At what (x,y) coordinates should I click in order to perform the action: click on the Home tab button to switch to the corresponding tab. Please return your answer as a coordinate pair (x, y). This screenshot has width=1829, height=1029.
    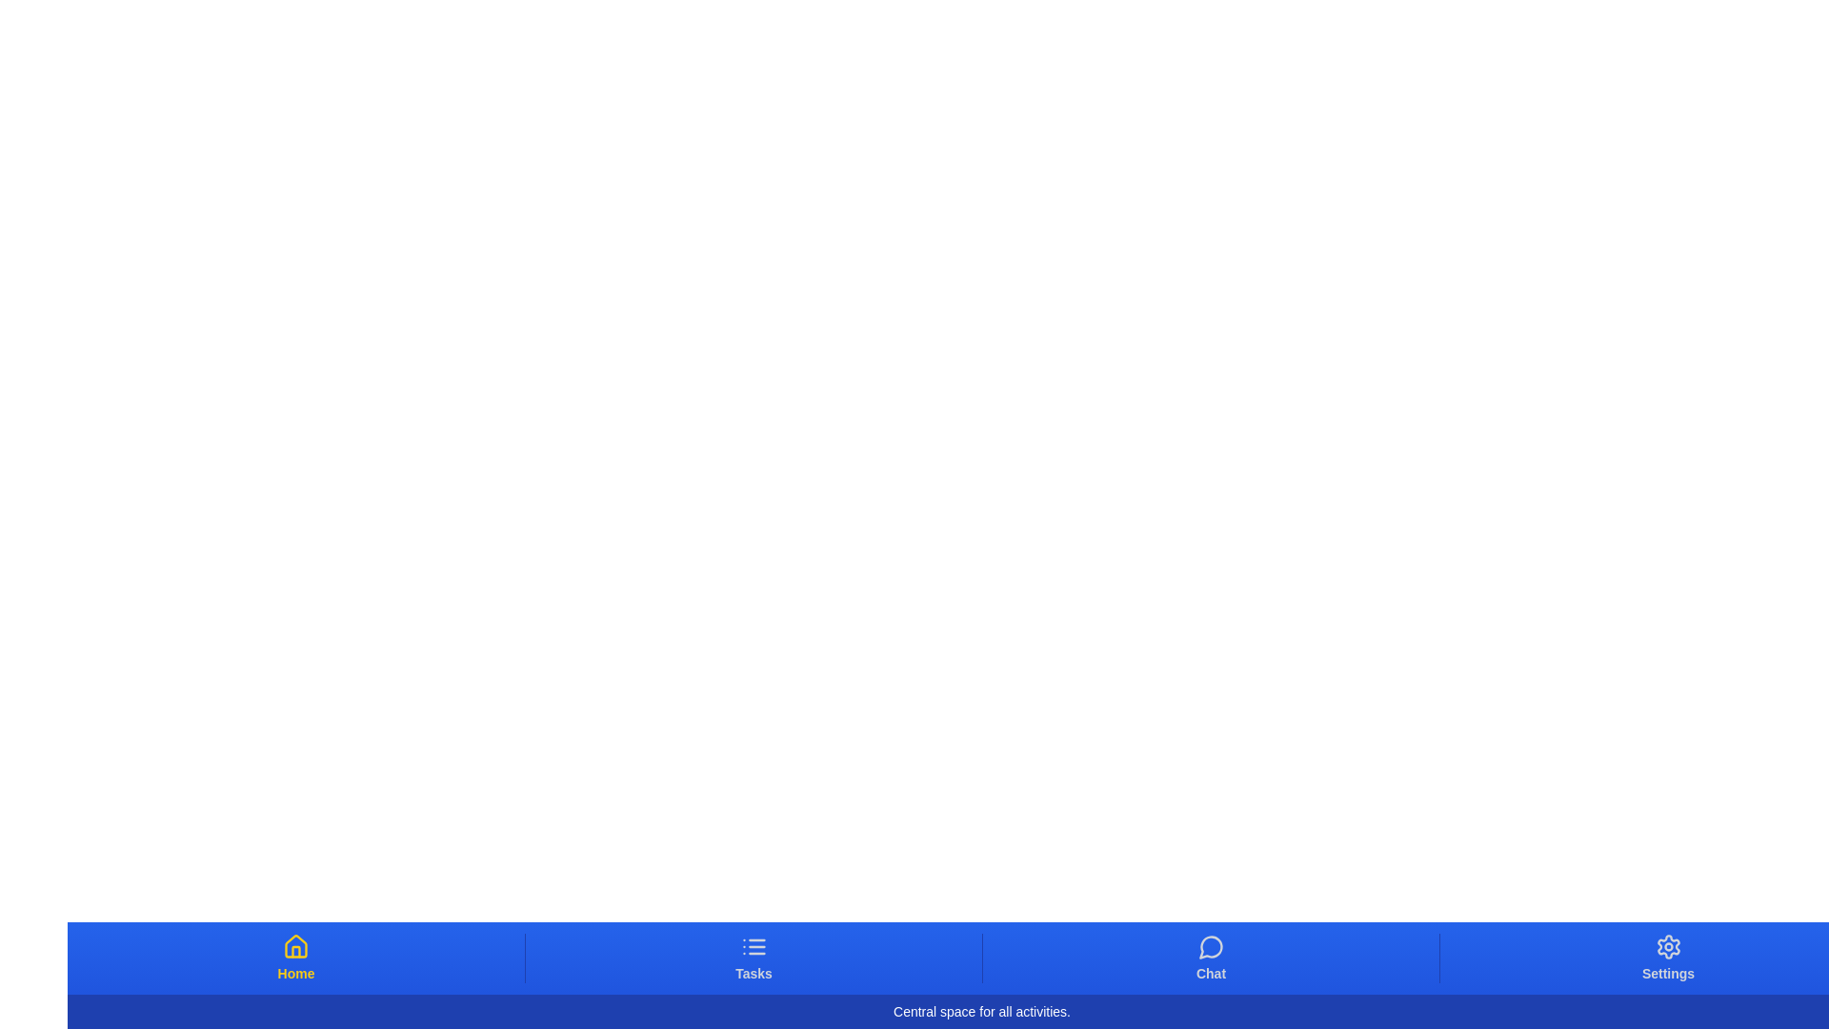
    Looking at the image, I should click on (295, 958).